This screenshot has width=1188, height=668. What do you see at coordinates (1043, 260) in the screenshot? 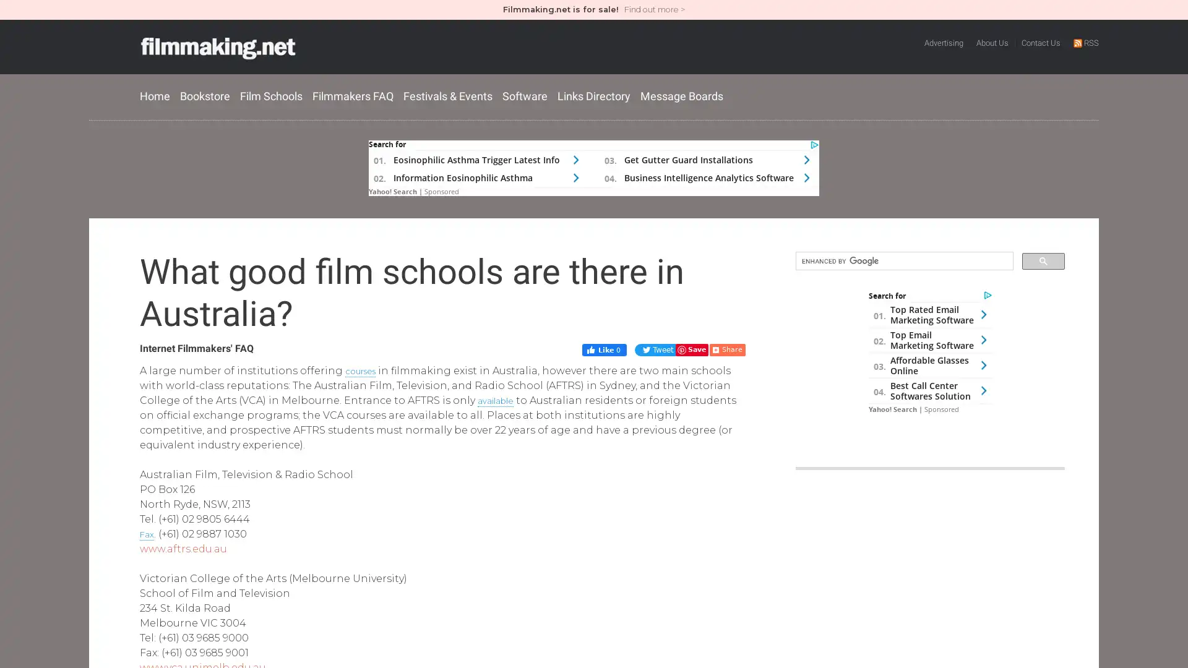
I see `search` at bounding box center [1043, 260].